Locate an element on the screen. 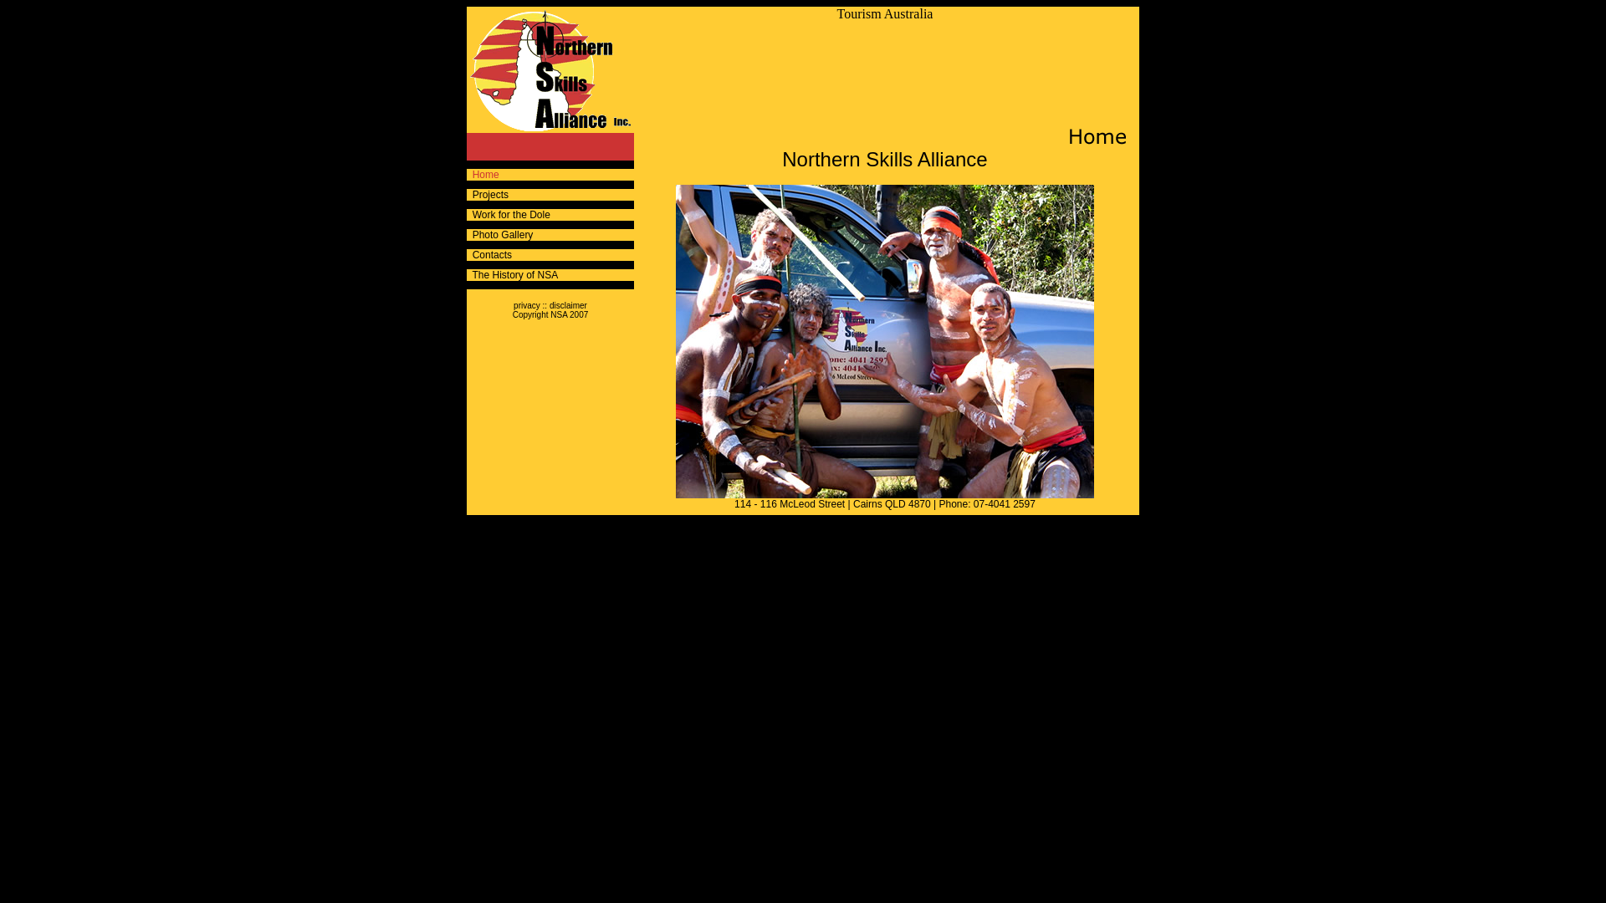 This screenshot has height=903, width=1606. '  Photo Gallery' is located at coordinates (466, 235).